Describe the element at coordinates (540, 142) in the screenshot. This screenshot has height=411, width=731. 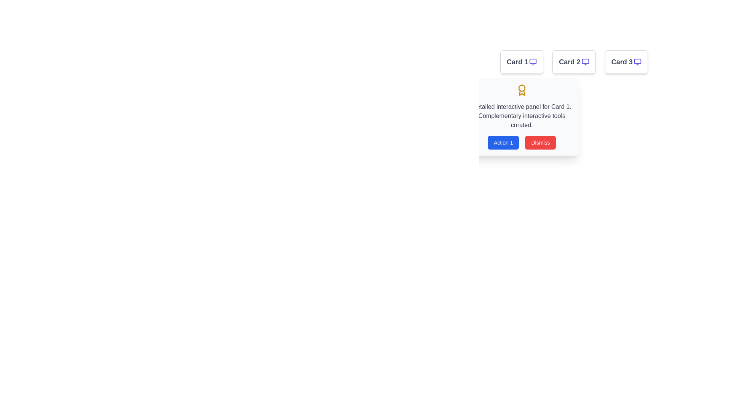
I see `the dismiss button located at the bottom right of the interface to observe the hover effect` at that location.